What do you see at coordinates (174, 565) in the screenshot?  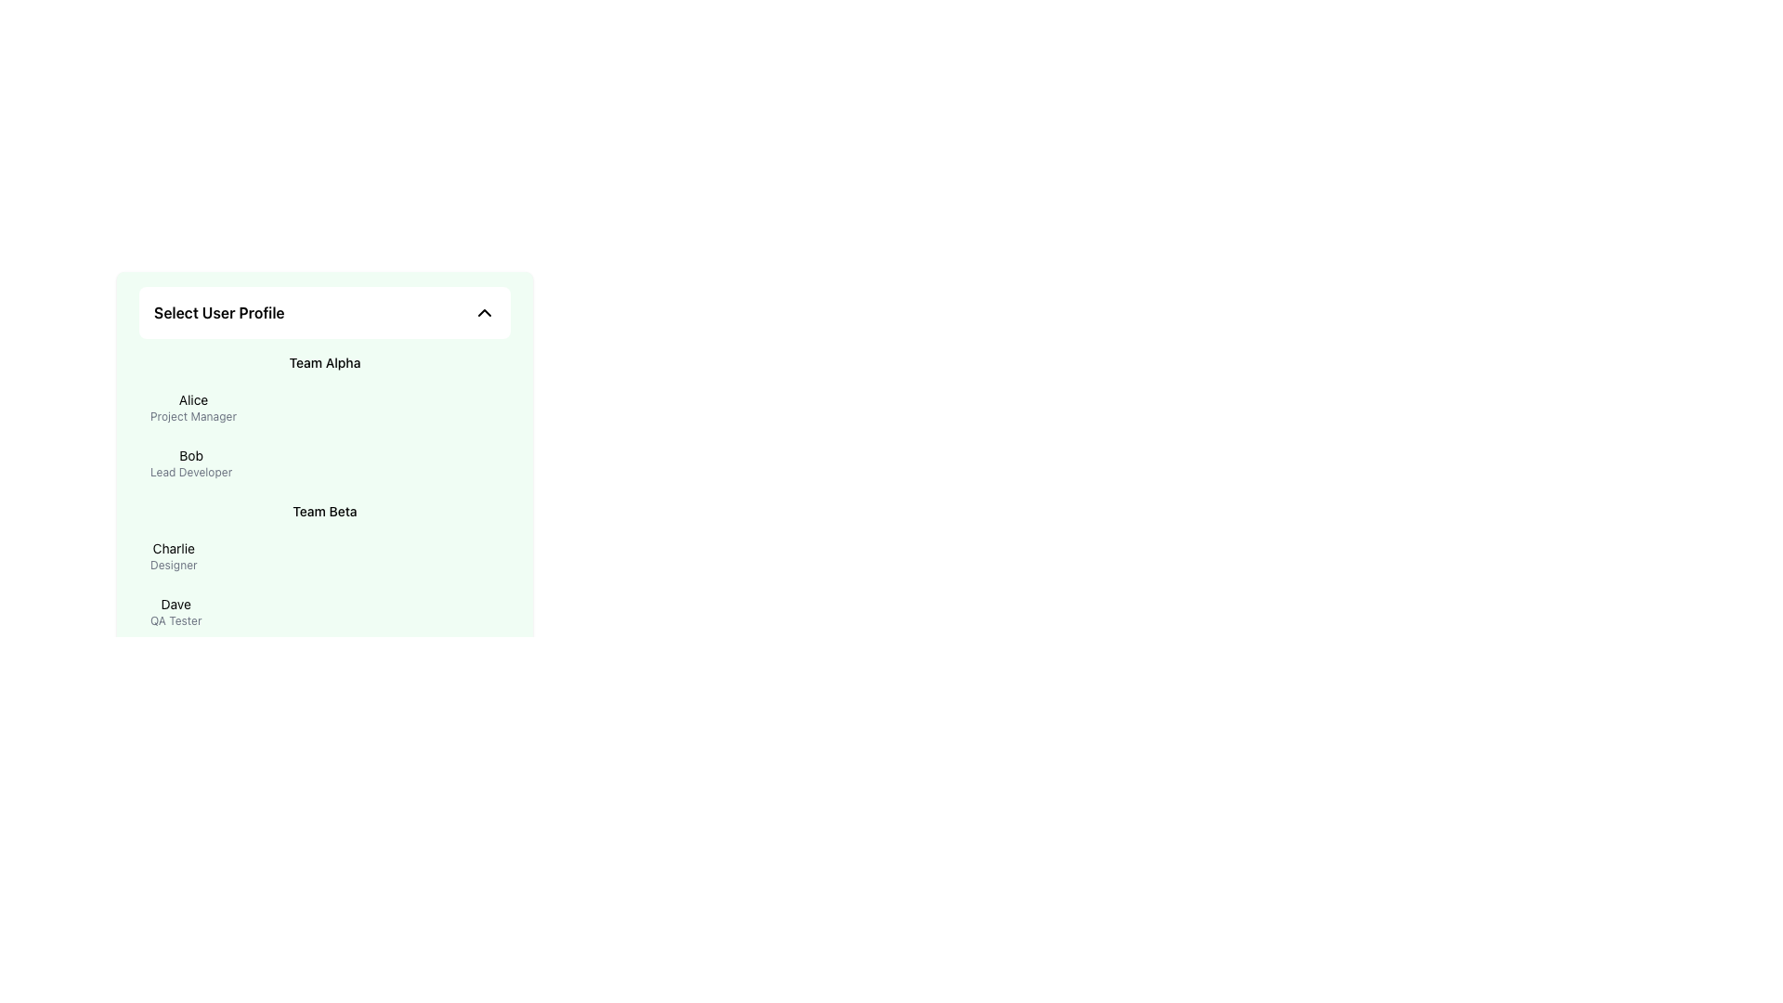 I see `the text label that indicates the role associated with 'Charlie', which is located directly under the name 'Charlie' in the 'Team Beta' section` at bounding box center [174, 565].